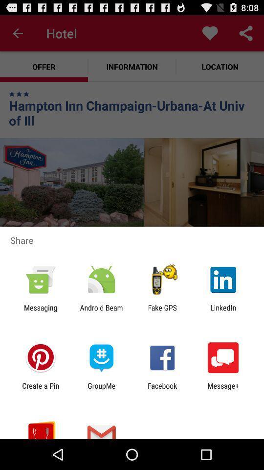 The image size is (264, 470). Describe the element at coordinates (223, 390) in the screenshot. I see `app next to facebook item` at that location.